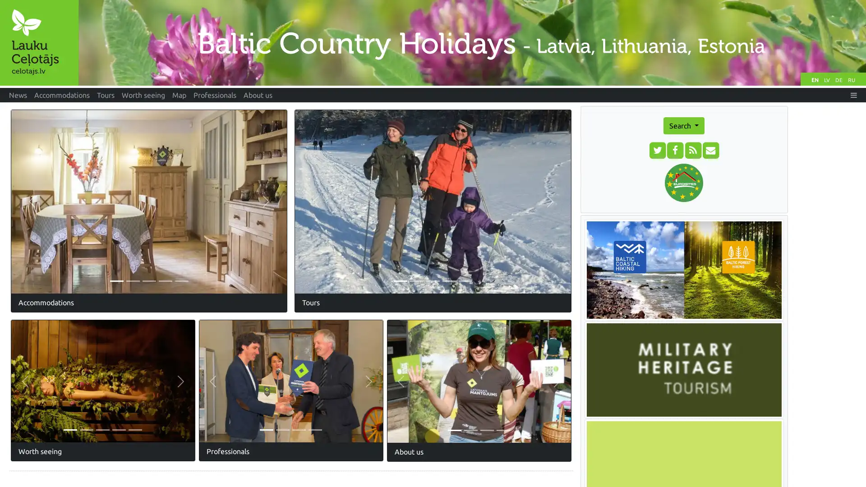  What do you see at coordinates (212, 381) in the screenshot?
I see `Previous` at bounding box center [212, 381].